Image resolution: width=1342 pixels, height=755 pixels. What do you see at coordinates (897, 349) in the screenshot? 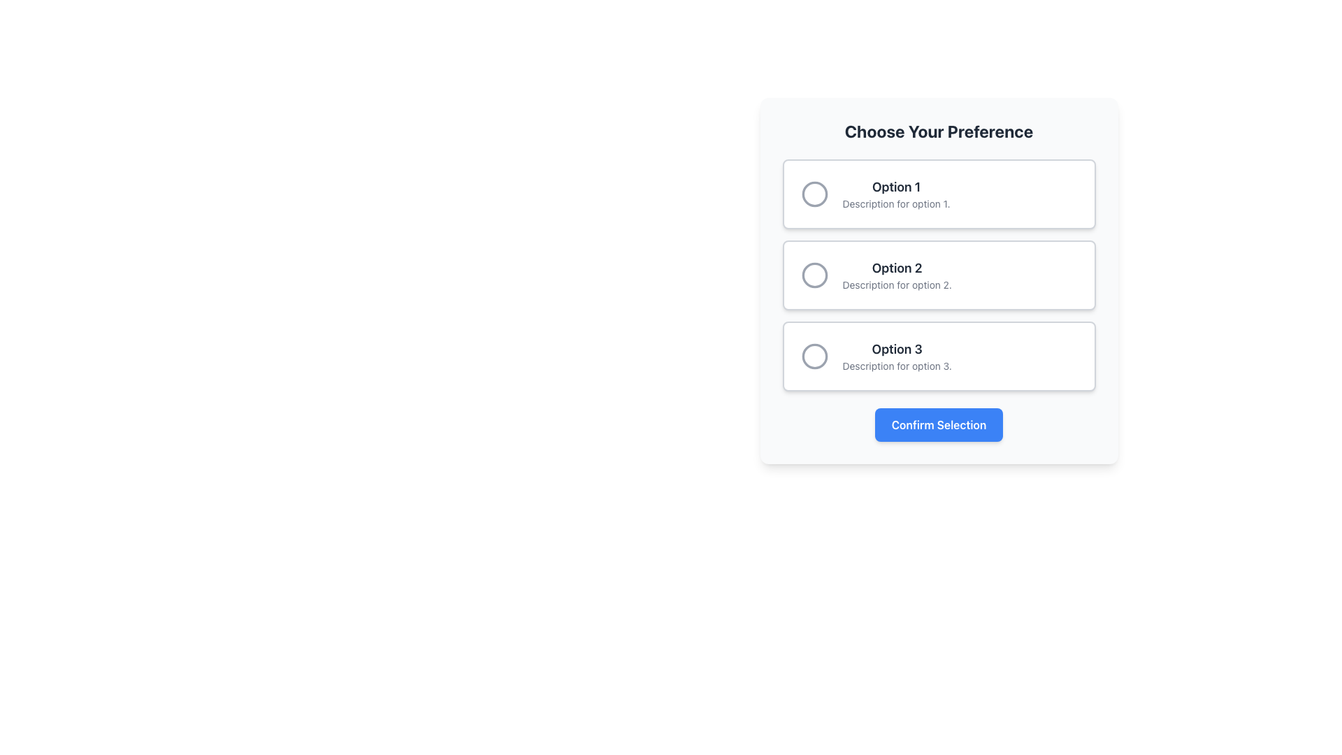
I see `the 'Option 3' label which identifies the third selectable option in the list` at bounding box center [897, 349].